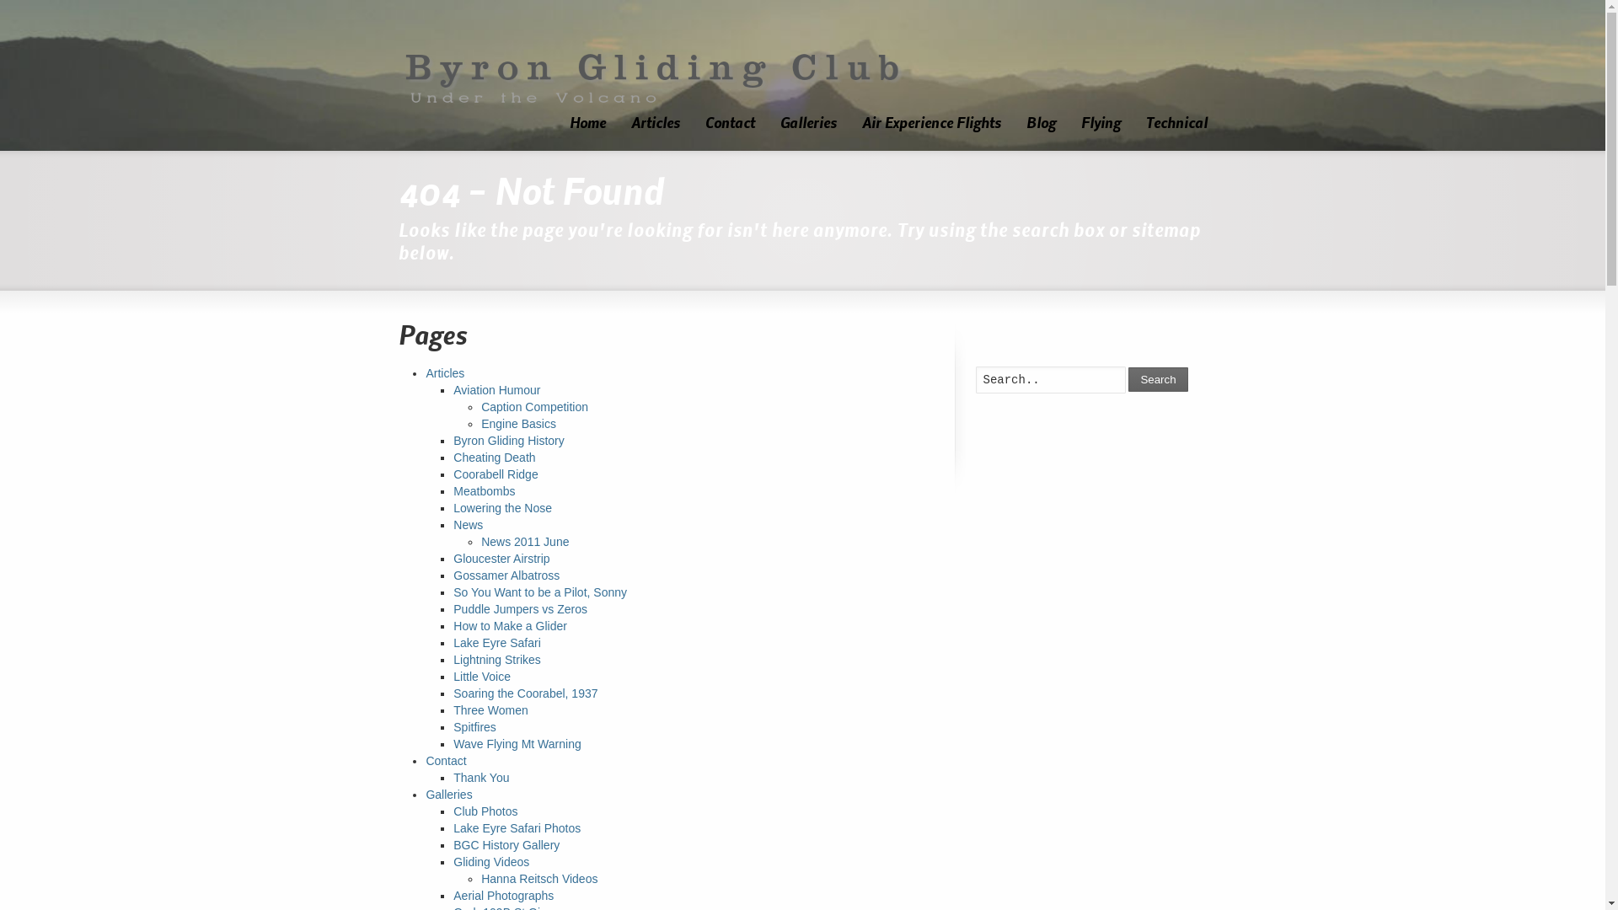 This screenshot has width=1618, height=910. I want to click on 'Byron Gliding History', so click(453, 440).